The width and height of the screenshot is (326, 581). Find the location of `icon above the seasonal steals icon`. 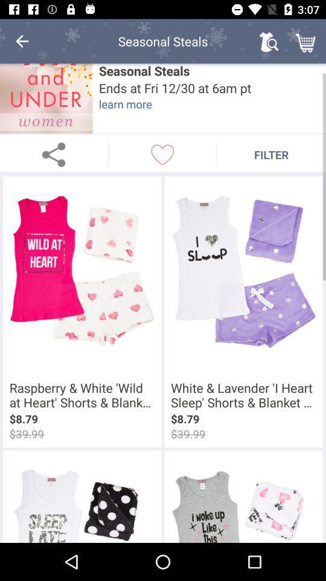

icon above the seasonal steals icon is located at coordinates (269, 41).